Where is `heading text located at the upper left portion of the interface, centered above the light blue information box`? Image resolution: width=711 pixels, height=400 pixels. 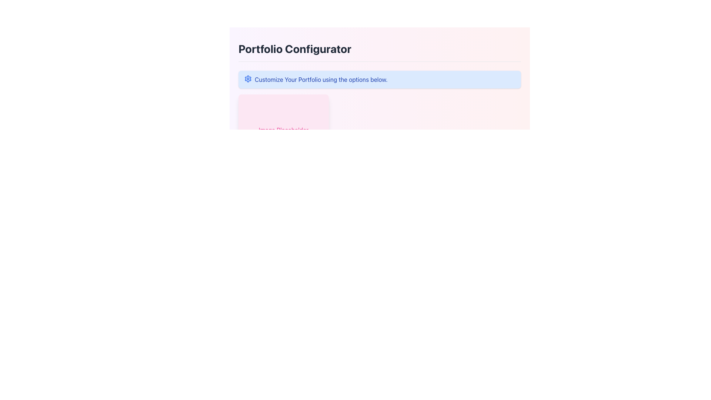
heading text located at the upper left portion of the interface, centered above the light blue information box is located at coordinates (294, 49).